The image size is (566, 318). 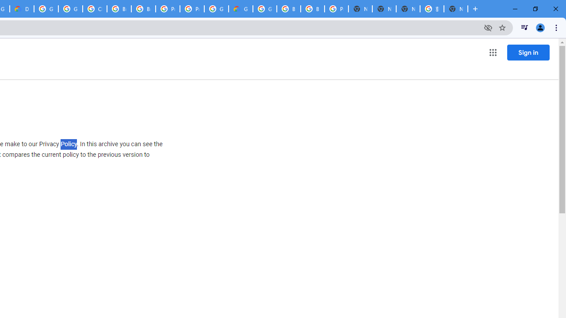 I want to click on 'Google Cloud Estimate Summary', so click(x=241, y=9).